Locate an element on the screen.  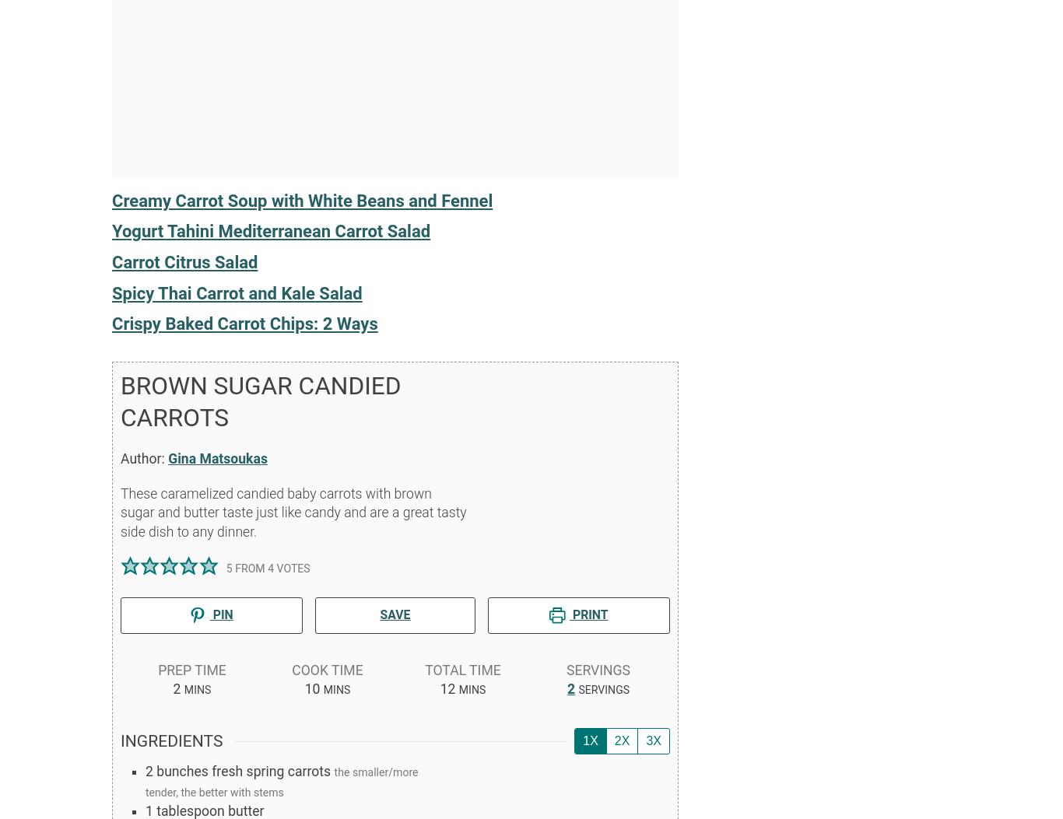
'Yogurt Tahini Mediterranean Carrot Salad' is located at coordinates (111, 231).